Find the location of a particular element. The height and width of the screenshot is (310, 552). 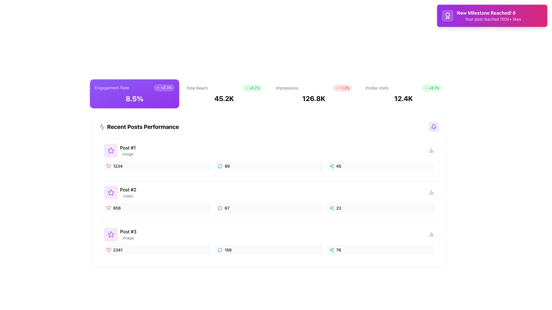

the Information Display Row that shows the title 'Total Reach' and the metric '+5.7%' located in the topmost horizontal row of the card is located at coordinates (224, 88).